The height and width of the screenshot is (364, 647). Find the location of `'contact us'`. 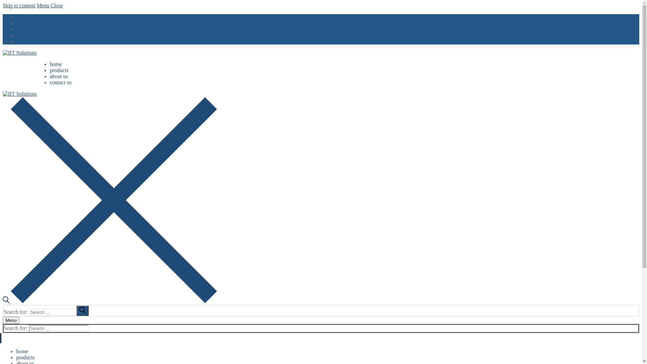

'contact us' is located at coordinates (50, 82).